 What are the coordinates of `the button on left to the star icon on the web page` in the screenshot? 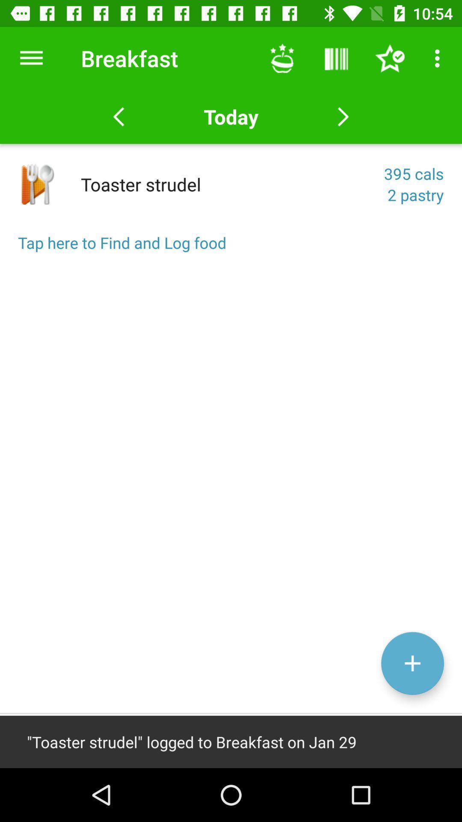 It's located at (336, 58).